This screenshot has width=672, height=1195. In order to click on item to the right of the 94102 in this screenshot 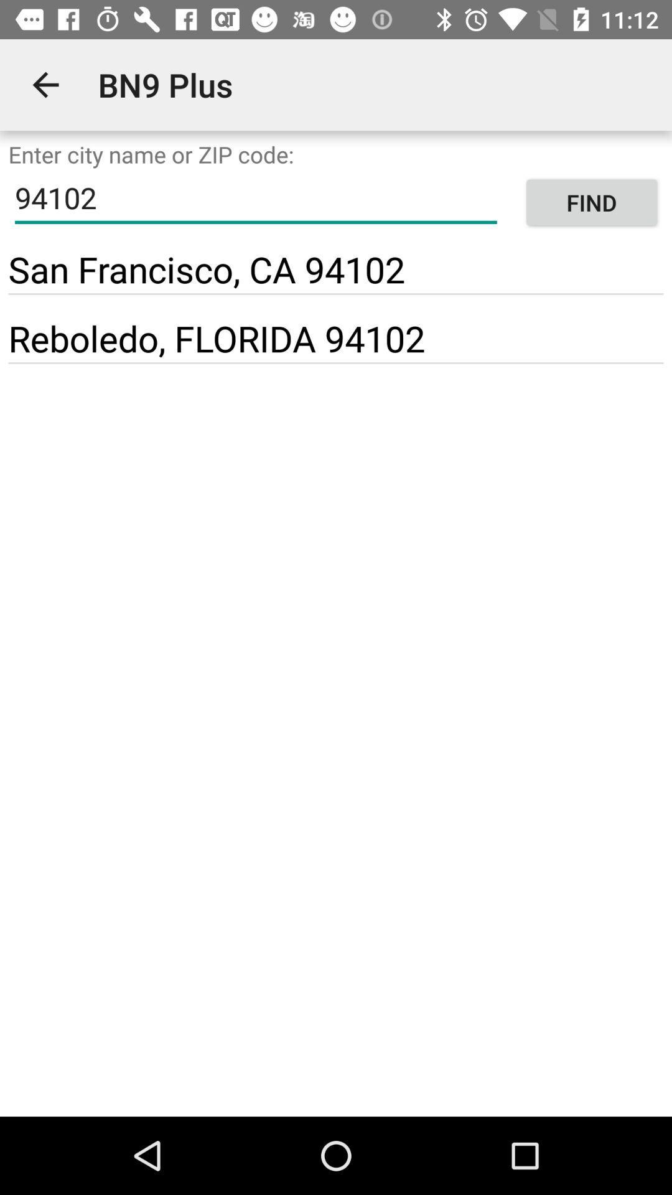, I will do `click(591, 202)`.